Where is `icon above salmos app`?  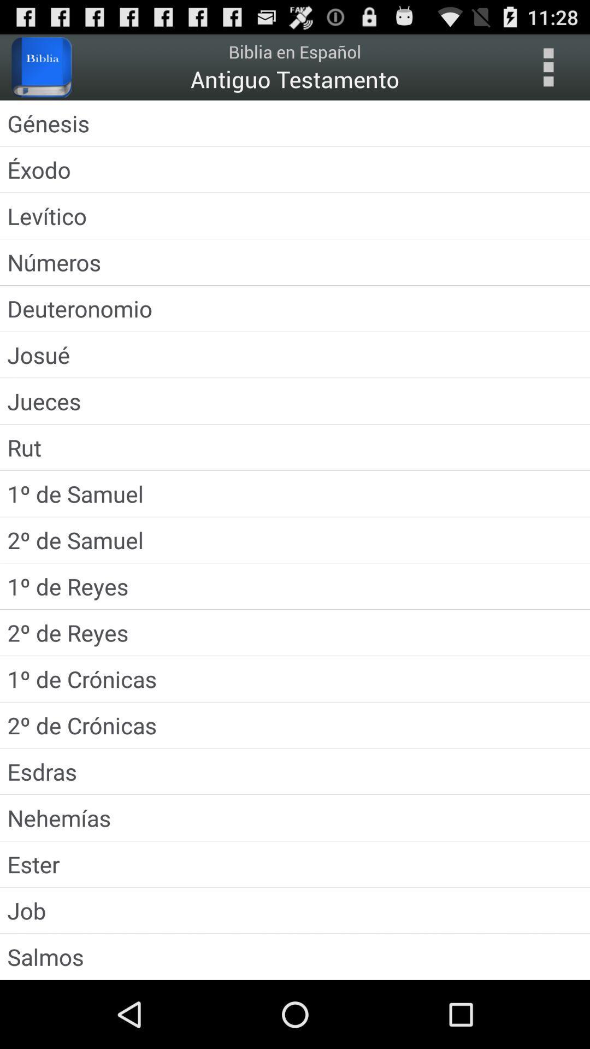 icon above salmos app is located at coordinates (295, 910).